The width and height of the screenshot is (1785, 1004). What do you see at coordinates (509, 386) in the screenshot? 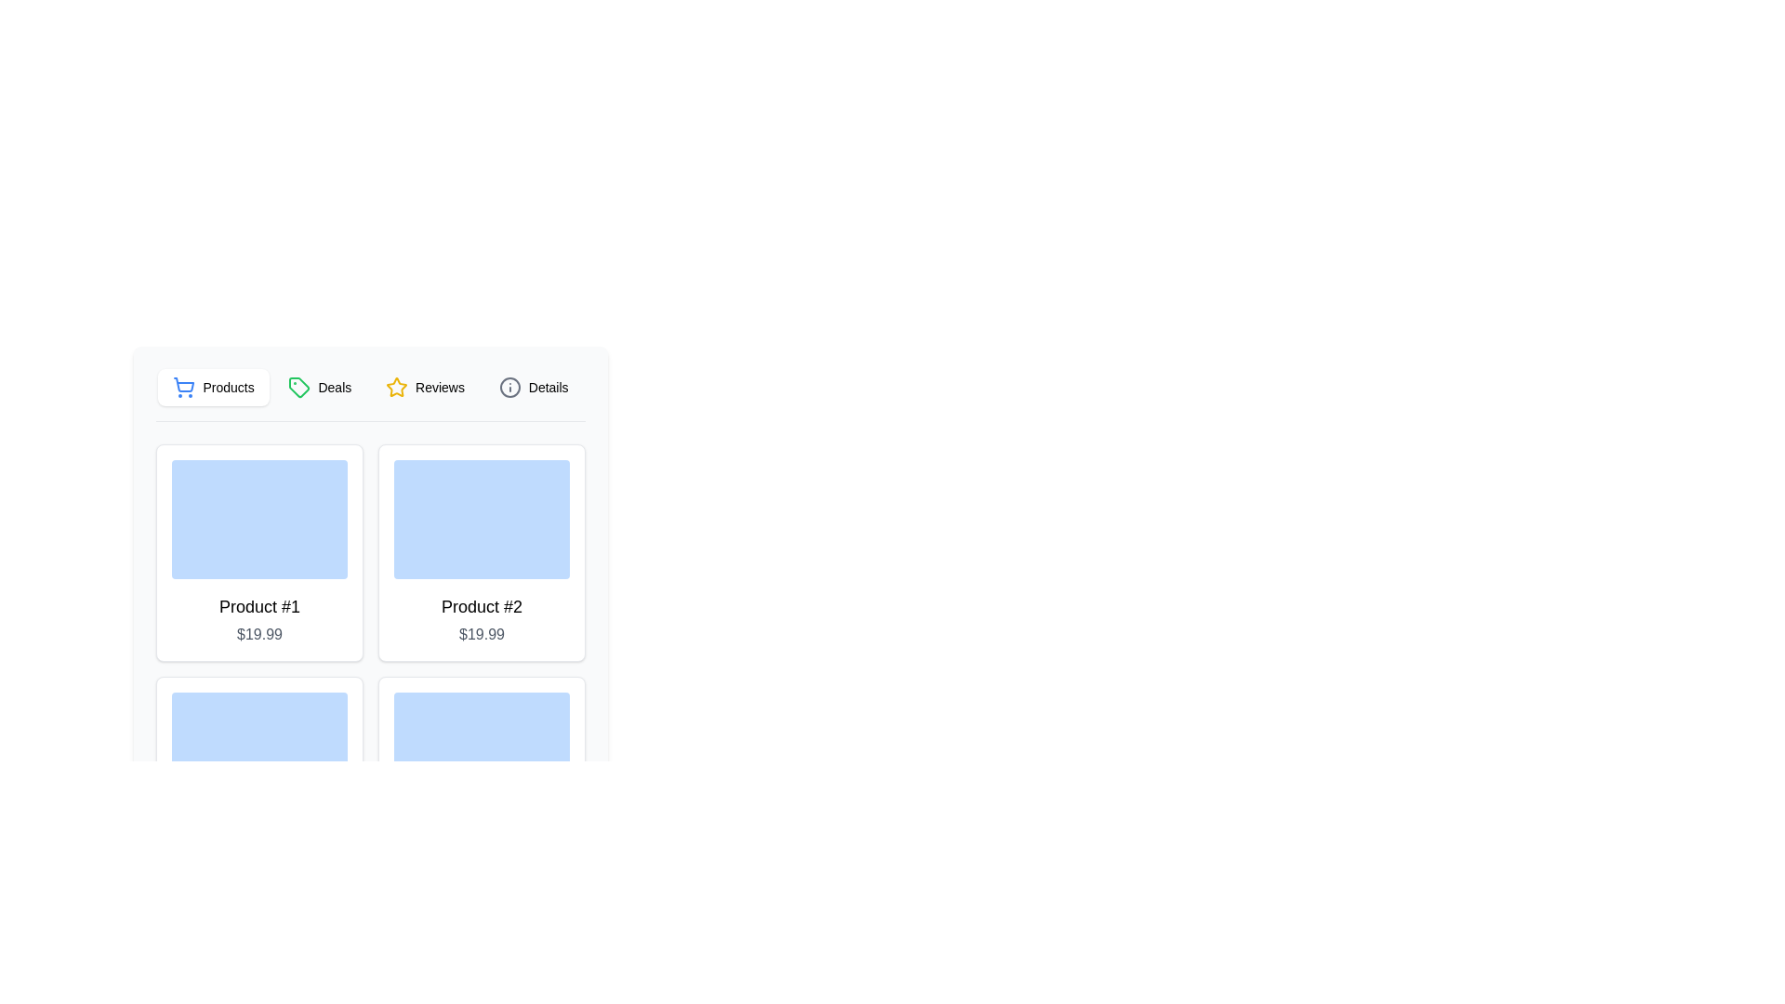
I see `the 'Details' icon located in the top navigation menu` at bounding box center [509, 386].